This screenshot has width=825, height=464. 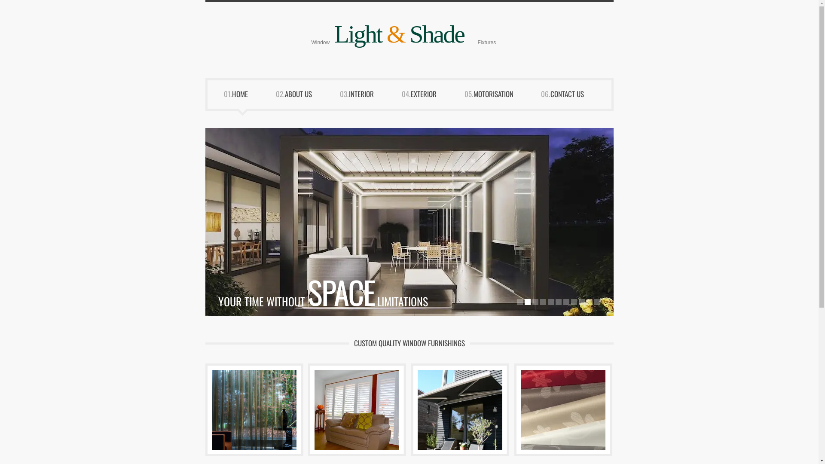 I want to click on 'HOME', so click(x=245, y=97).